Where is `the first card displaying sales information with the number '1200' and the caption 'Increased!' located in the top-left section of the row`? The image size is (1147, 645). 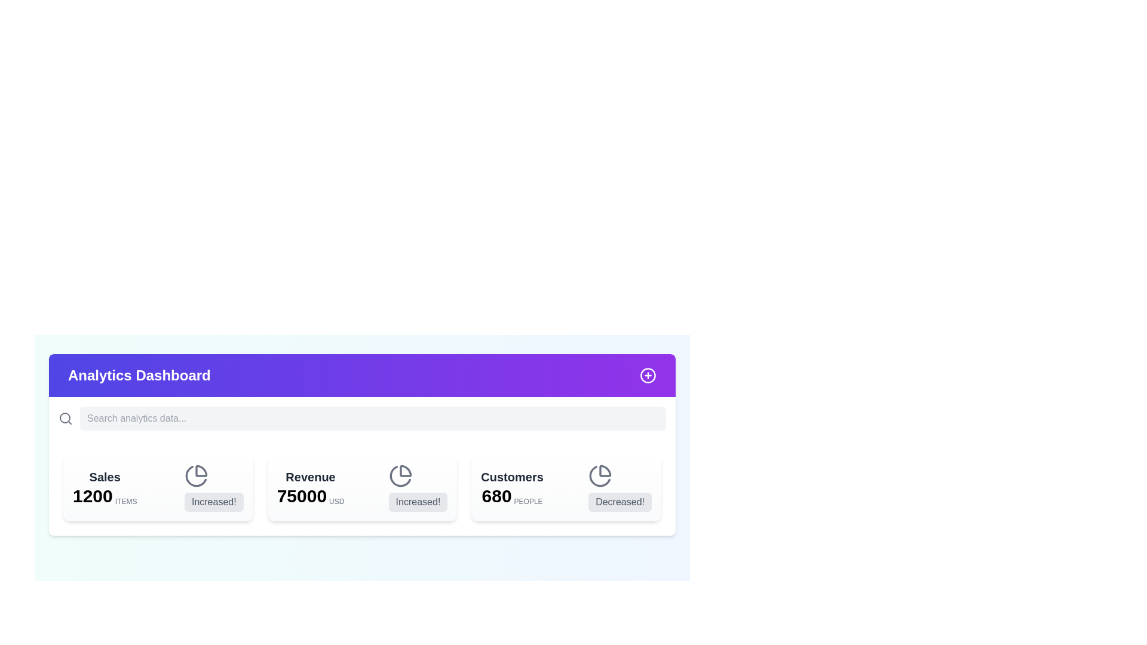 the first card displaying sales information with the number '1200' and the caption 'Increased!' located in the top-left section of the row is located at coordinates (157, 488).